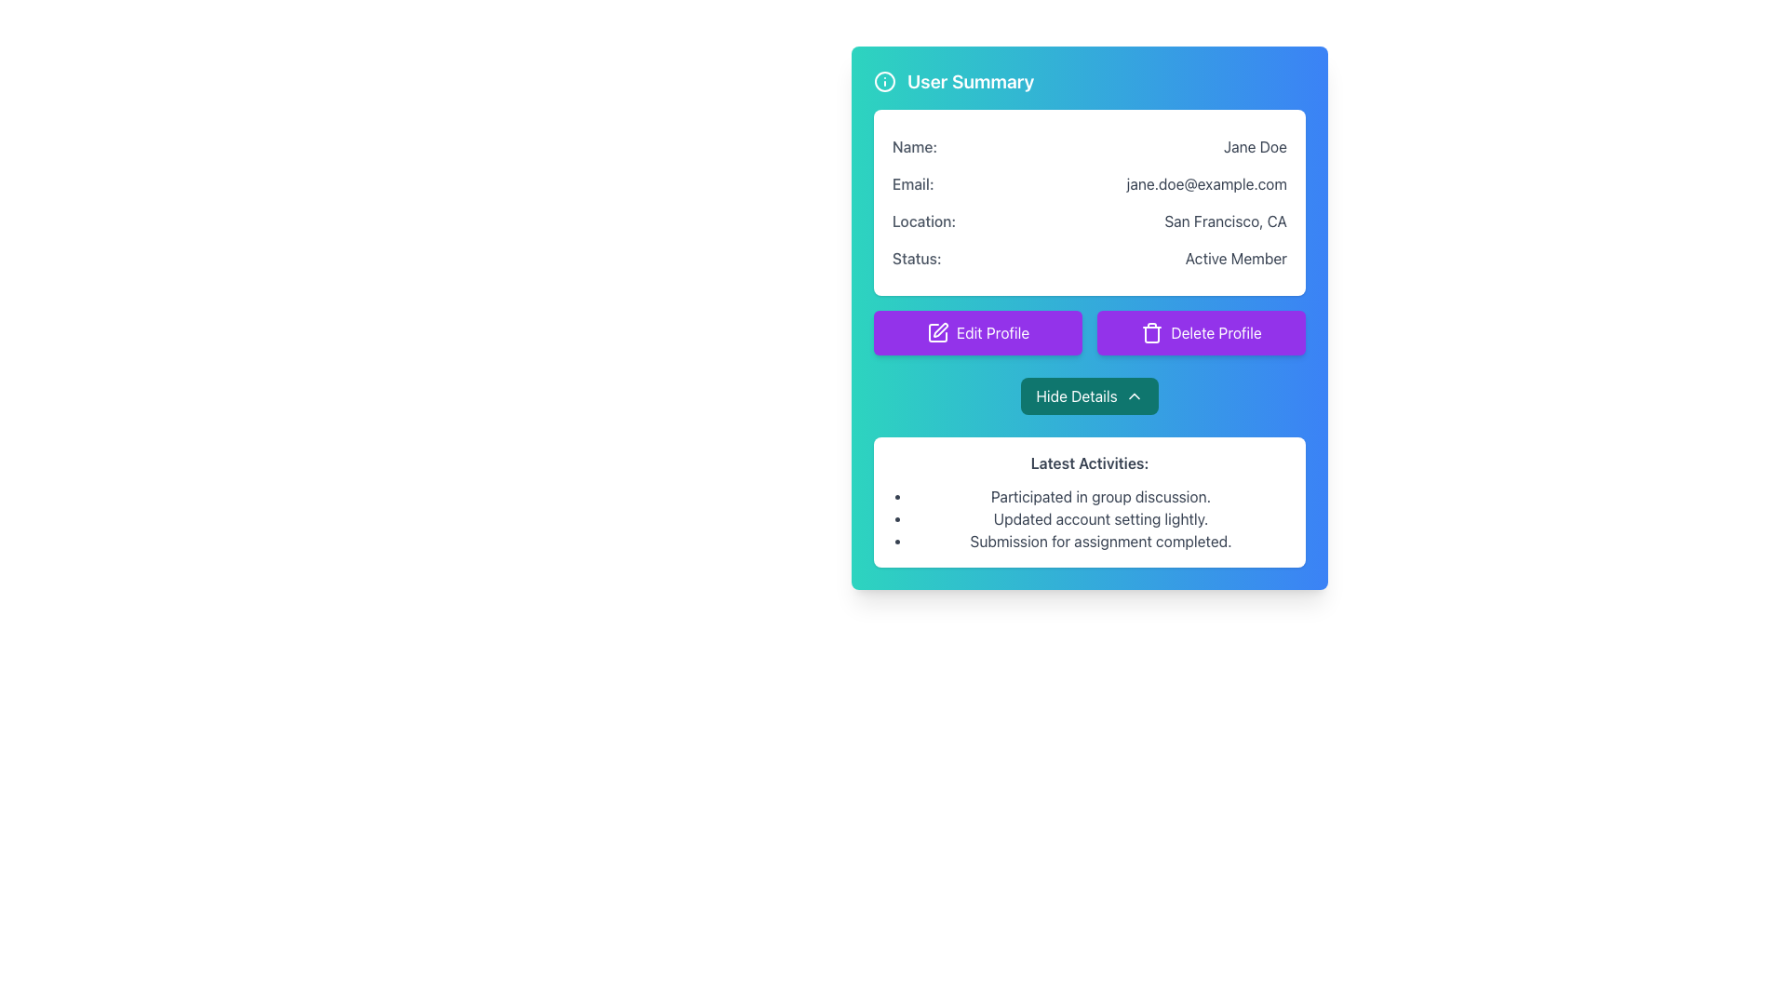 The image size is (1787, 1005). Describe the element at coordinates (937, 332) in the screenshot. I see `the decorative icon within the purple 'Edit Profile' button, located to the left of the 'Delete Profile' button` at that location.